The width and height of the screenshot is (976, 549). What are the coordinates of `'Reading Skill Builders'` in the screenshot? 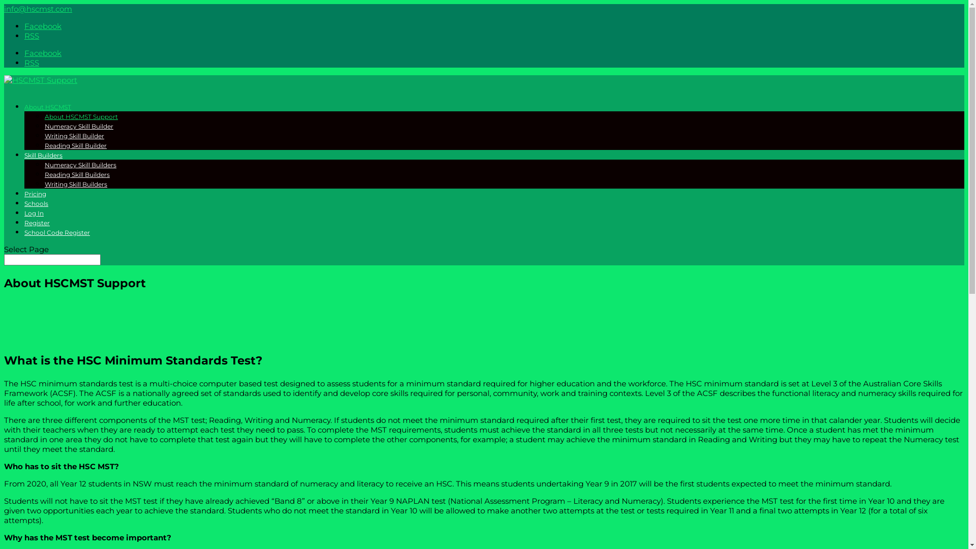 It's located at (77, 174).